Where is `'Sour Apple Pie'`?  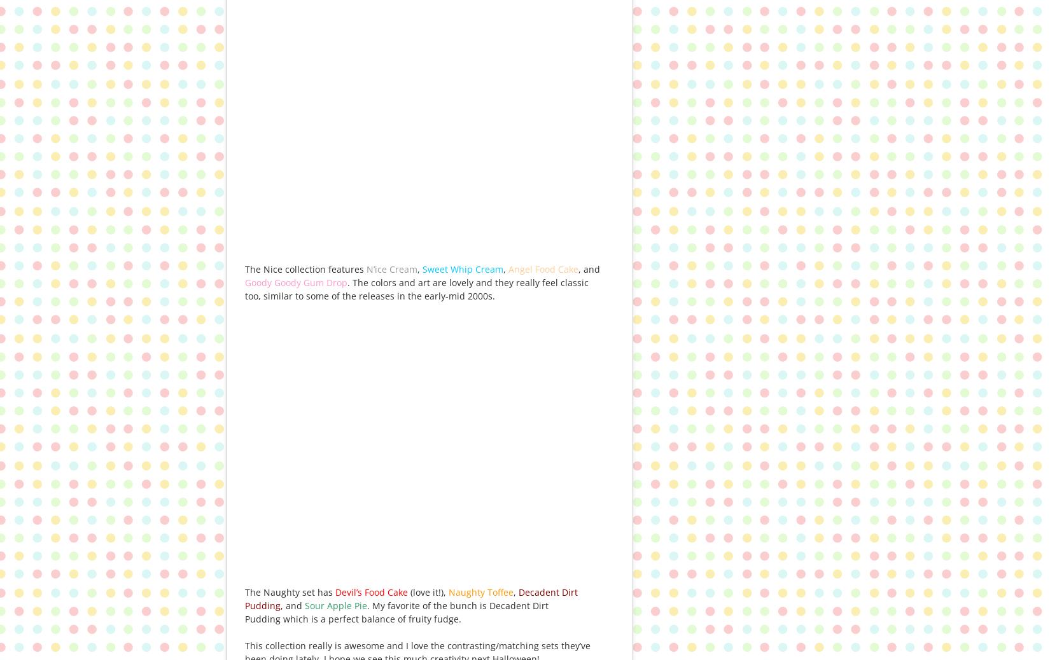
'Sour Apple Pie' is located at coordinates (335, 605).